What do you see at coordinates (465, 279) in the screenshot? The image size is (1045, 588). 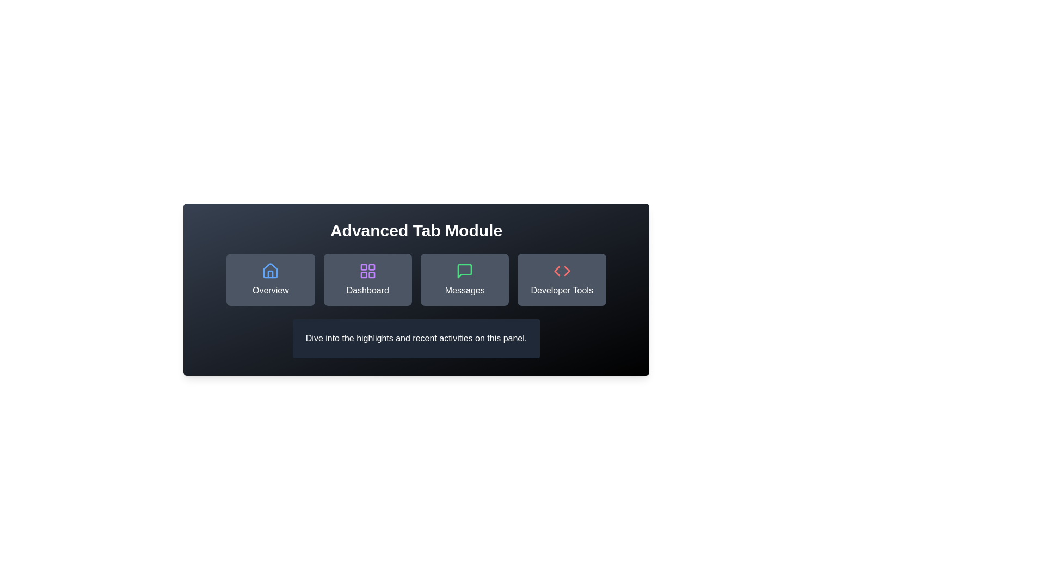 I see `the Messages tab button to switch active content` at bounding box center [465, 279].